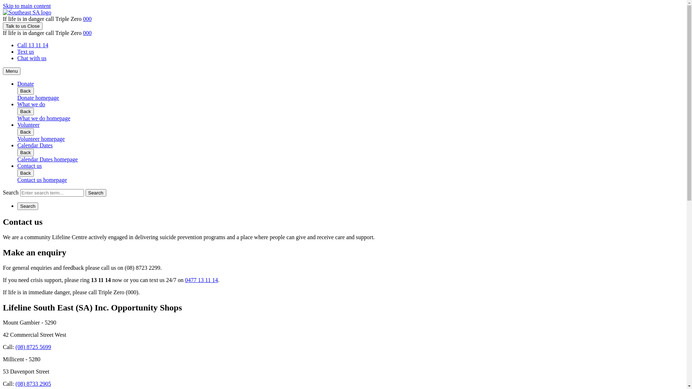  I want to click on 'Talk to us Close', so click(22, 26).